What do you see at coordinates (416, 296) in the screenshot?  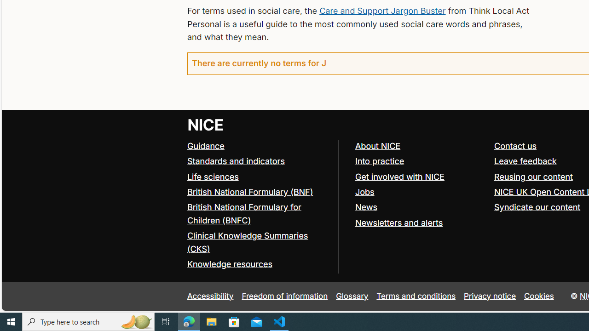 I see `'Terms and conditions'` at bounding box center [416, 296].